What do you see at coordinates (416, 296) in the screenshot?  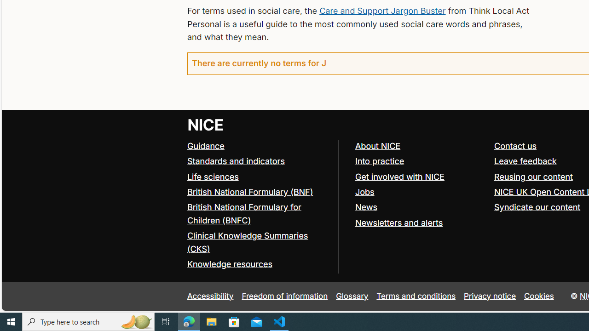 I see `'Terms and conditions'` at bounding box center [416, 296].